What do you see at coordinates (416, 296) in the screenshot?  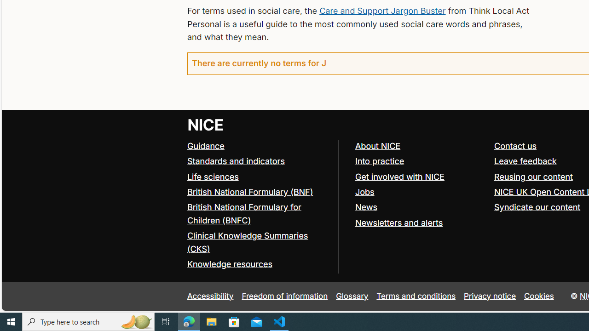 I see `'Terms and conditions'` at bounding box center [416, 296].